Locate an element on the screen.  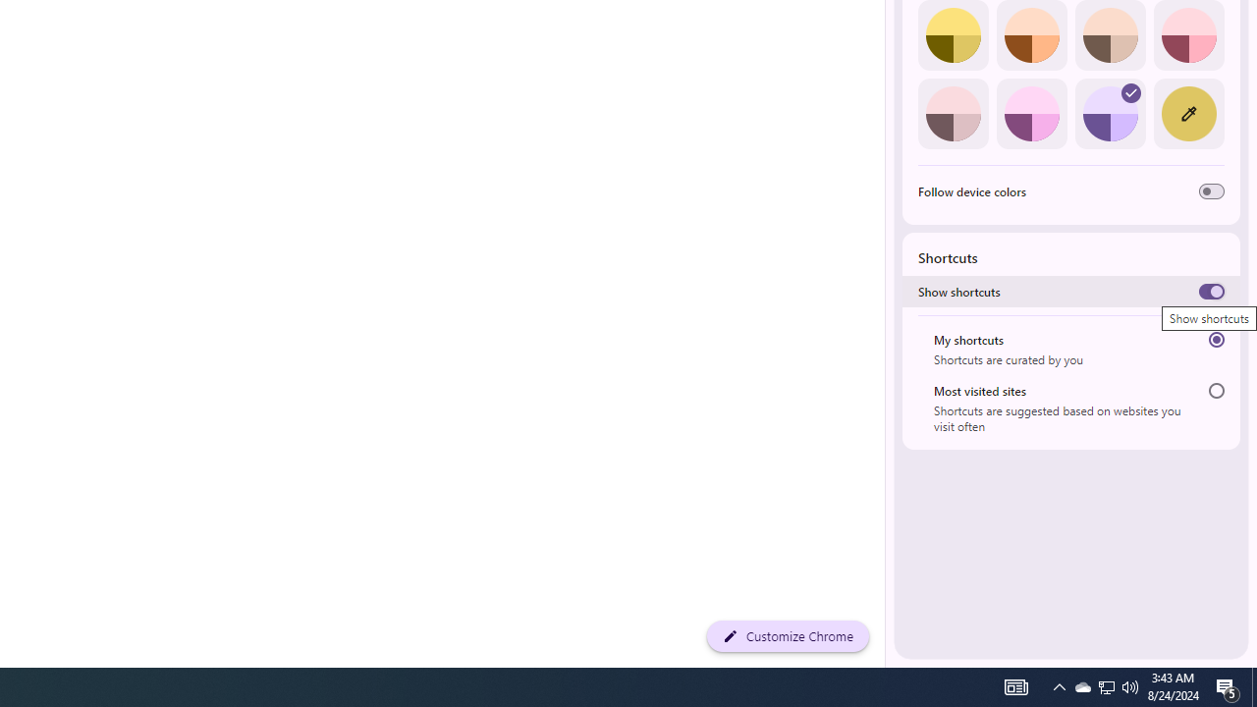
'Rose' is located at coordinates (1187, 35).